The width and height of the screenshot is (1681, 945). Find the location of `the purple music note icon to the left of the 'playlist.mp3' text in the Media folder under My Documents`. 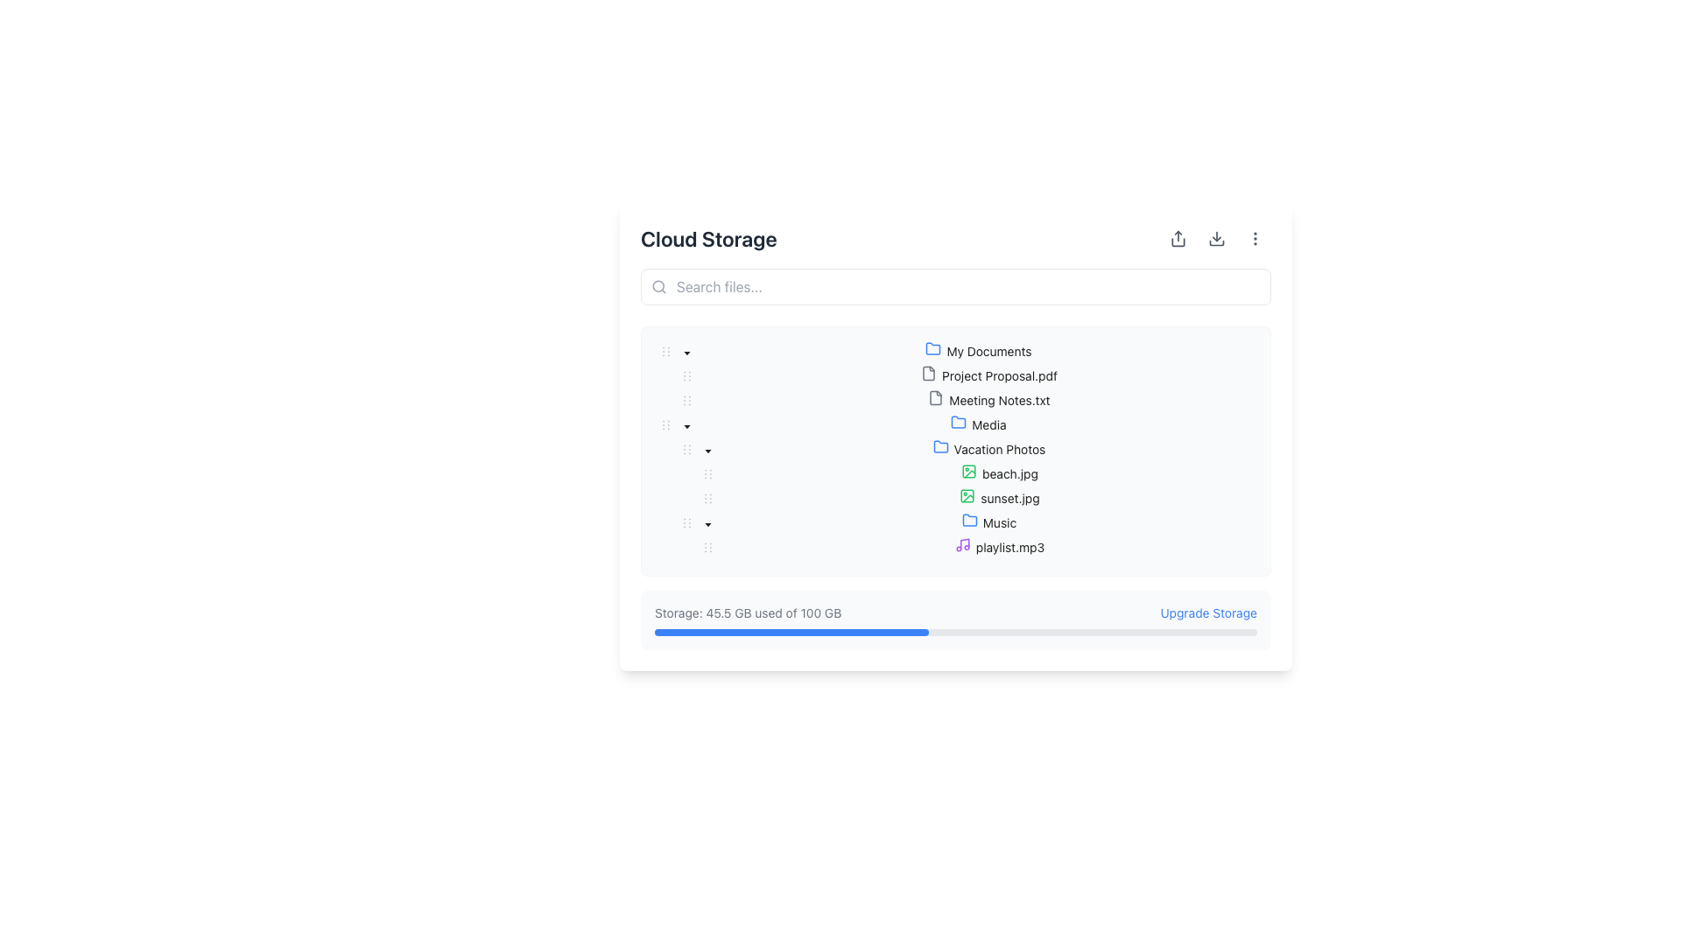

the purple music note icon to the left of the 'playlist.mp3' text in the Media folder under My Documents is located at coordinates (964, 546).